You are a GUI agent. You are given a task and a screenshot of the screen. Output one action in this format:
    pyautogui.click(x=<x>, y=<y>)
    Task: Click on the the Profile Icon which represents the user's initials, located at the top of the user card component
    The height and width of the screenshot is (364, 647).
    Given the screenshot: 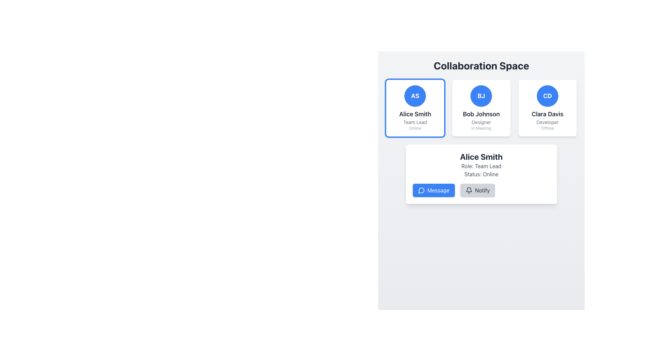 What is the action you would take?
    pyautogui.click(x=415, y=96)
    